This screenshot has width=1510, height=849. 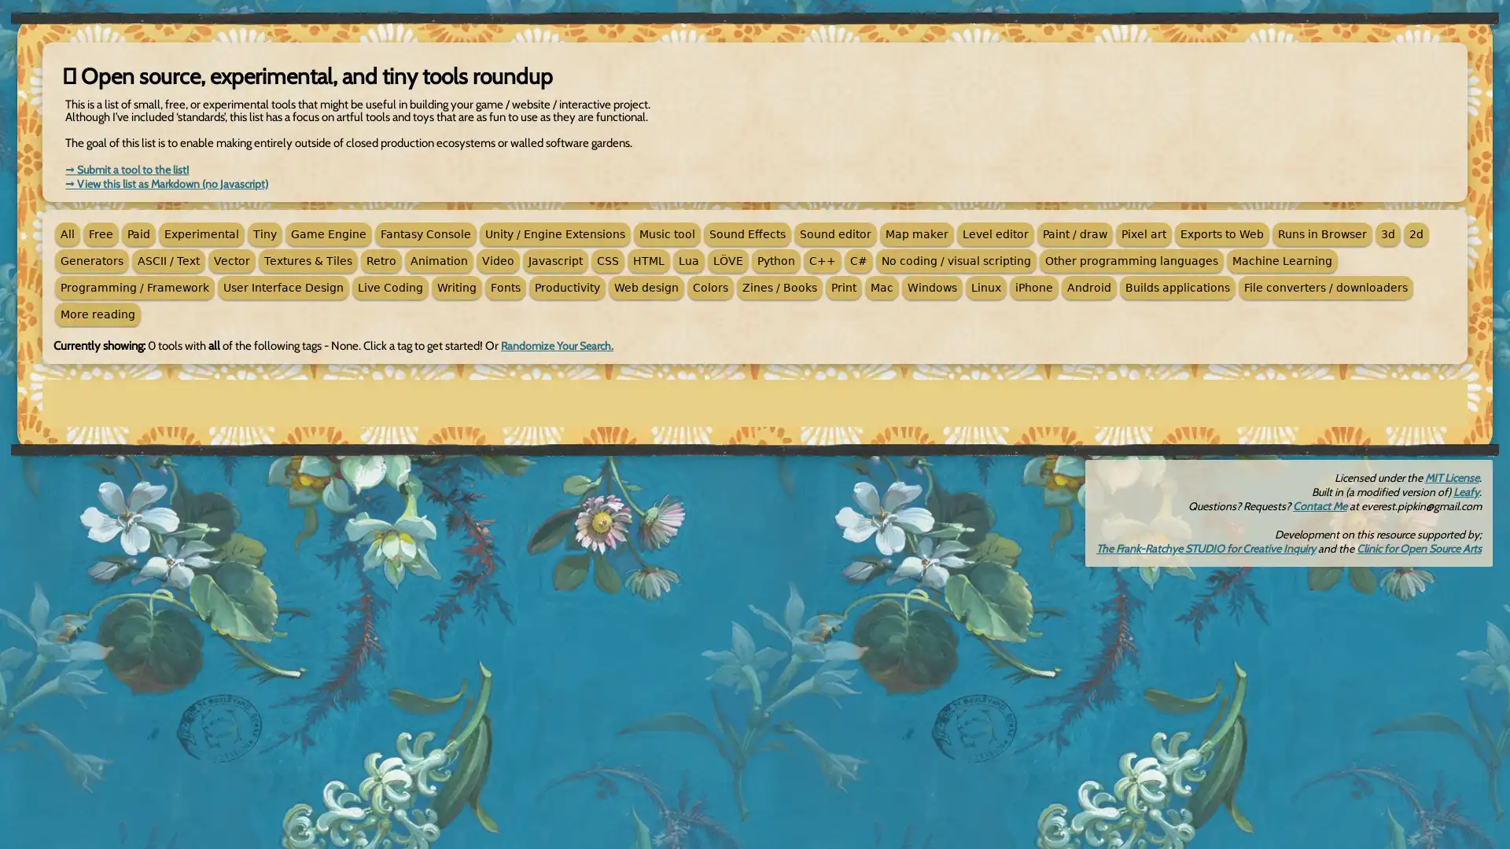 I want to click on Fonts, so click(x=506, y=288).